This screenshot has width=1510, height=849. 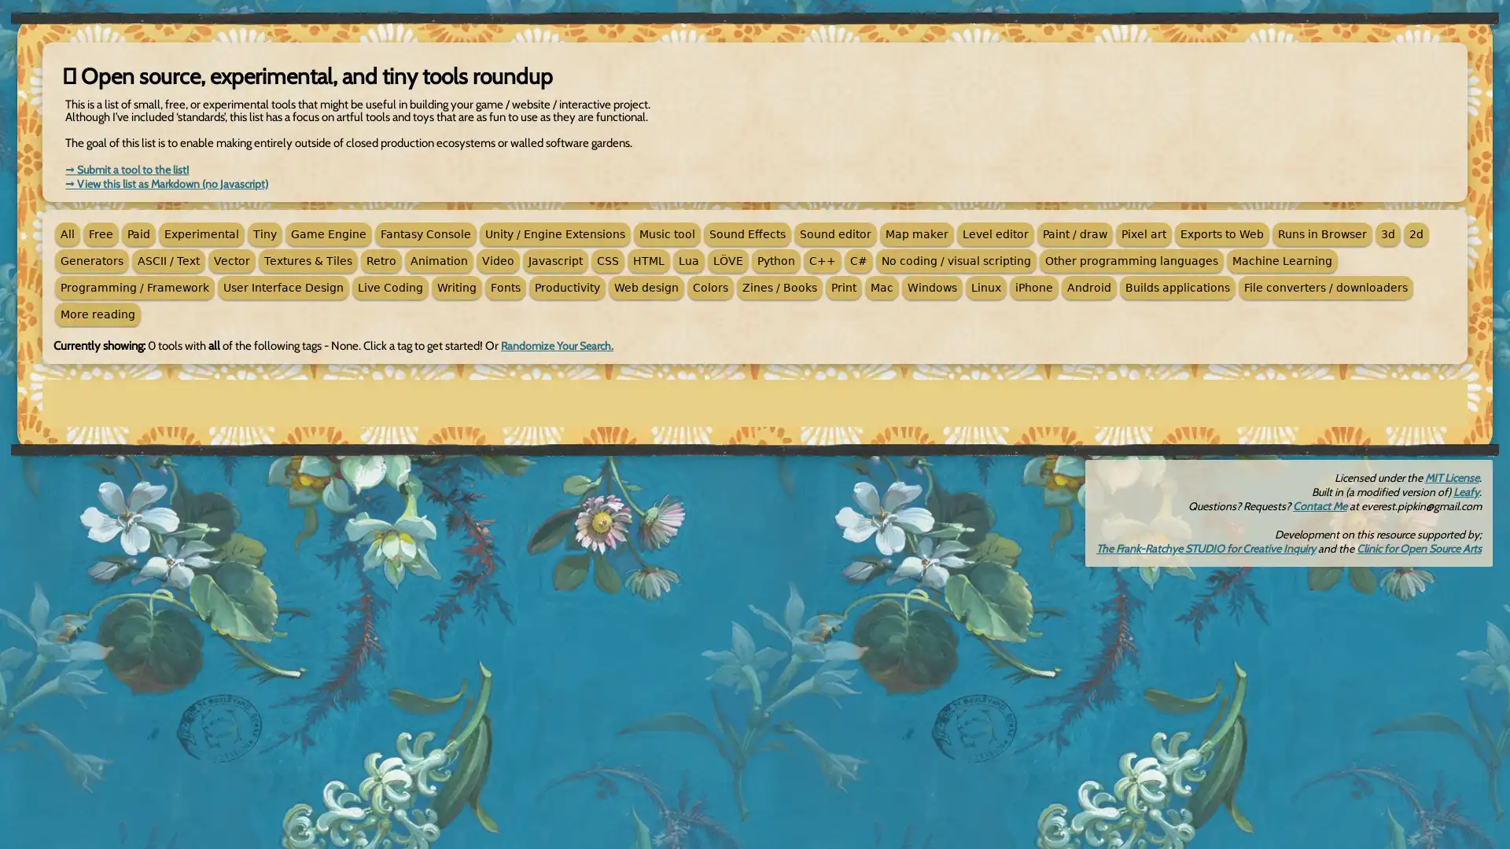 I want to click on Fonts, so click(x=506, y=288).